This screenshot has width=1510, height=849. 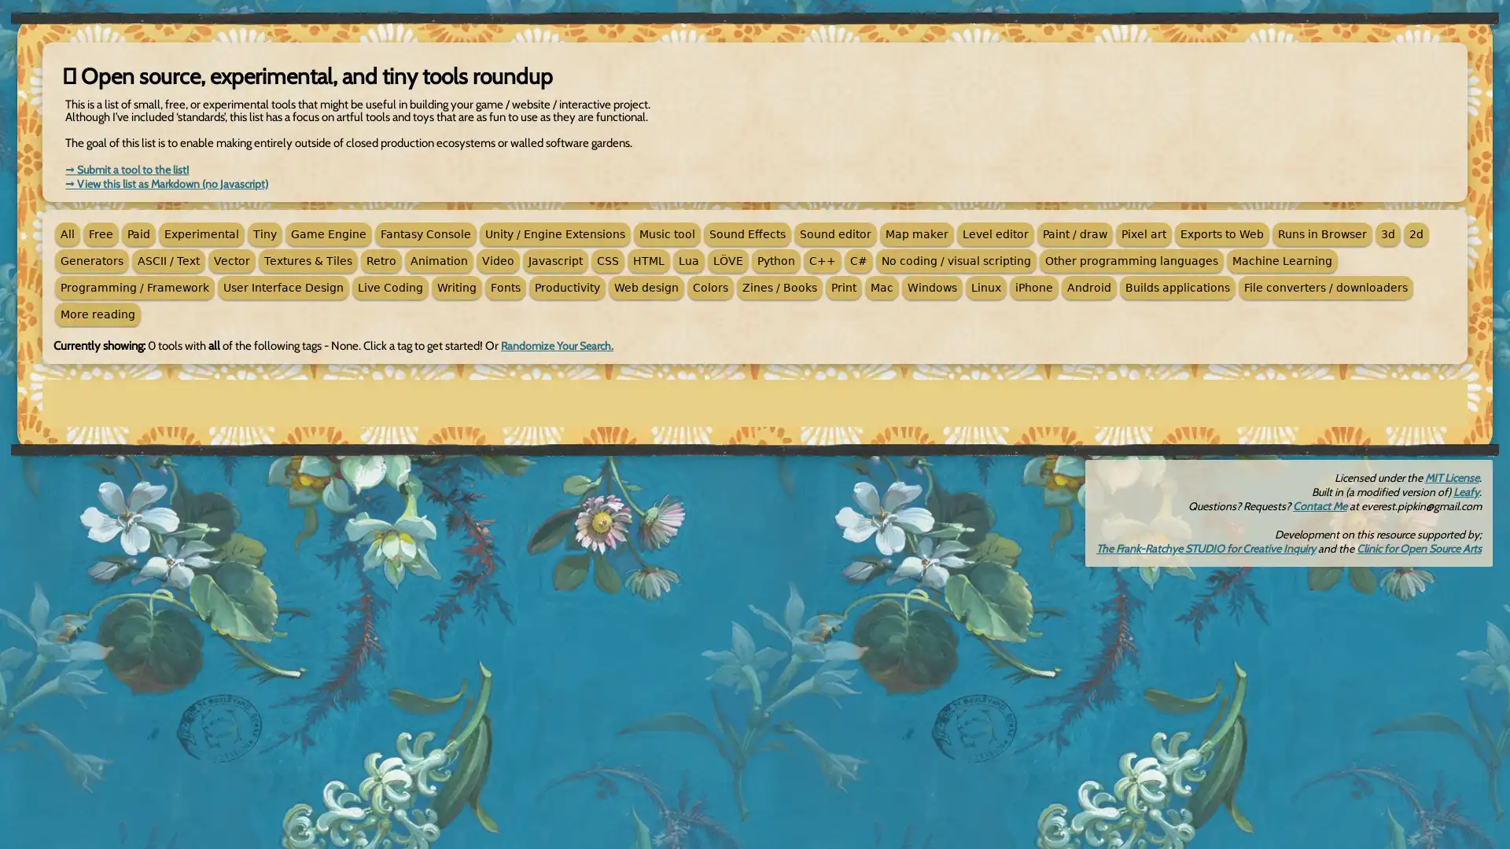 I want to click on Fonts, so click(x=506, y=288).